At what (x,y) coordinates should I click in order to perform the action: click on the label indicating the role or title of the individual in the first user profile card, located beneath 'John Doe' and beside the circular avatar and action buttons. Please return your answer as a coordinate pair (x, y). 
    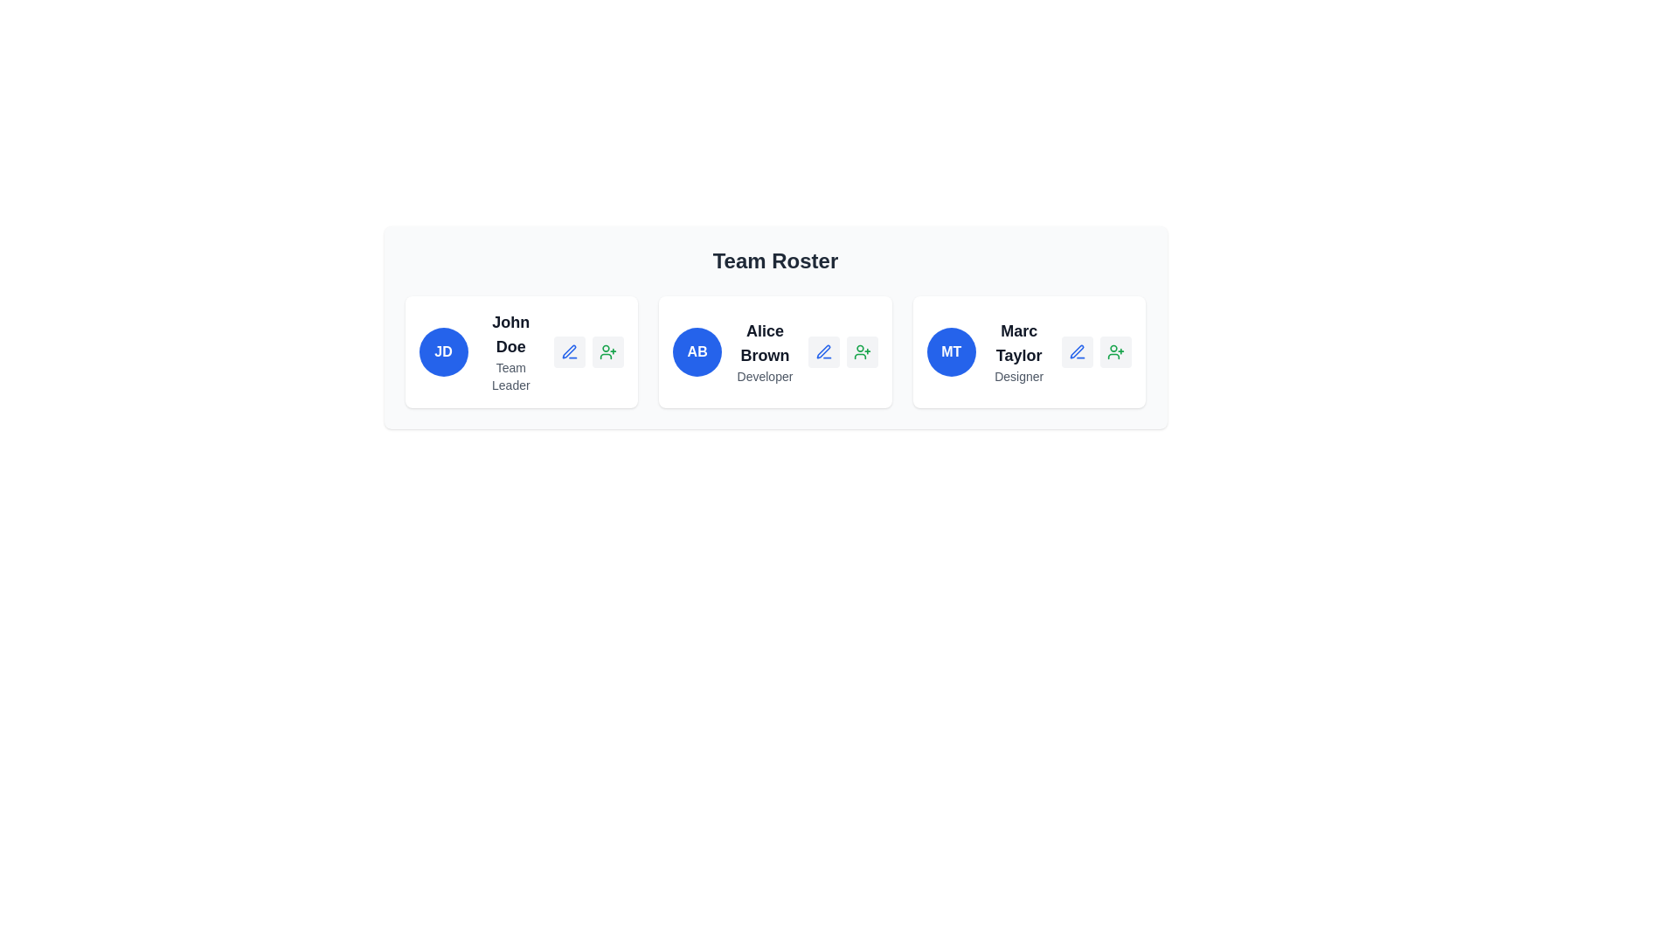
    Looking at the image, I should click on (510, 376).